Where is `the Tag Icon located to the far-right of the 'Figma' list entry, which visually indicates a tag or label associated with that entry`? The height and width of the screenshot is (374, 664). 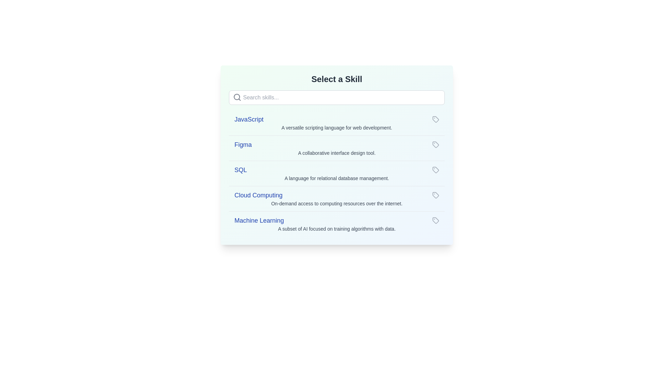 the Tag Icon located to the far-right of the 'Figma' list entry, which visually indicates a tag or label associated with that entry is located at coordinates (435, 144).